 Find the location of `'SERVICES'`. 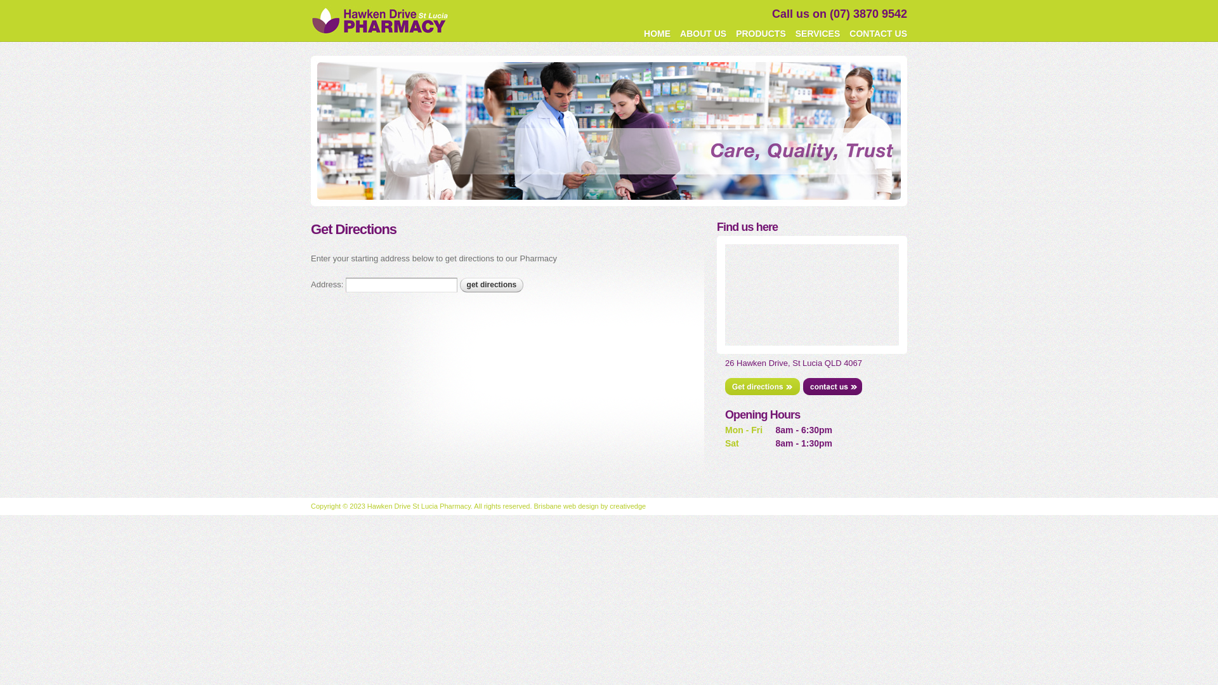

'SERVICES' is located at coordinates (818, 33).